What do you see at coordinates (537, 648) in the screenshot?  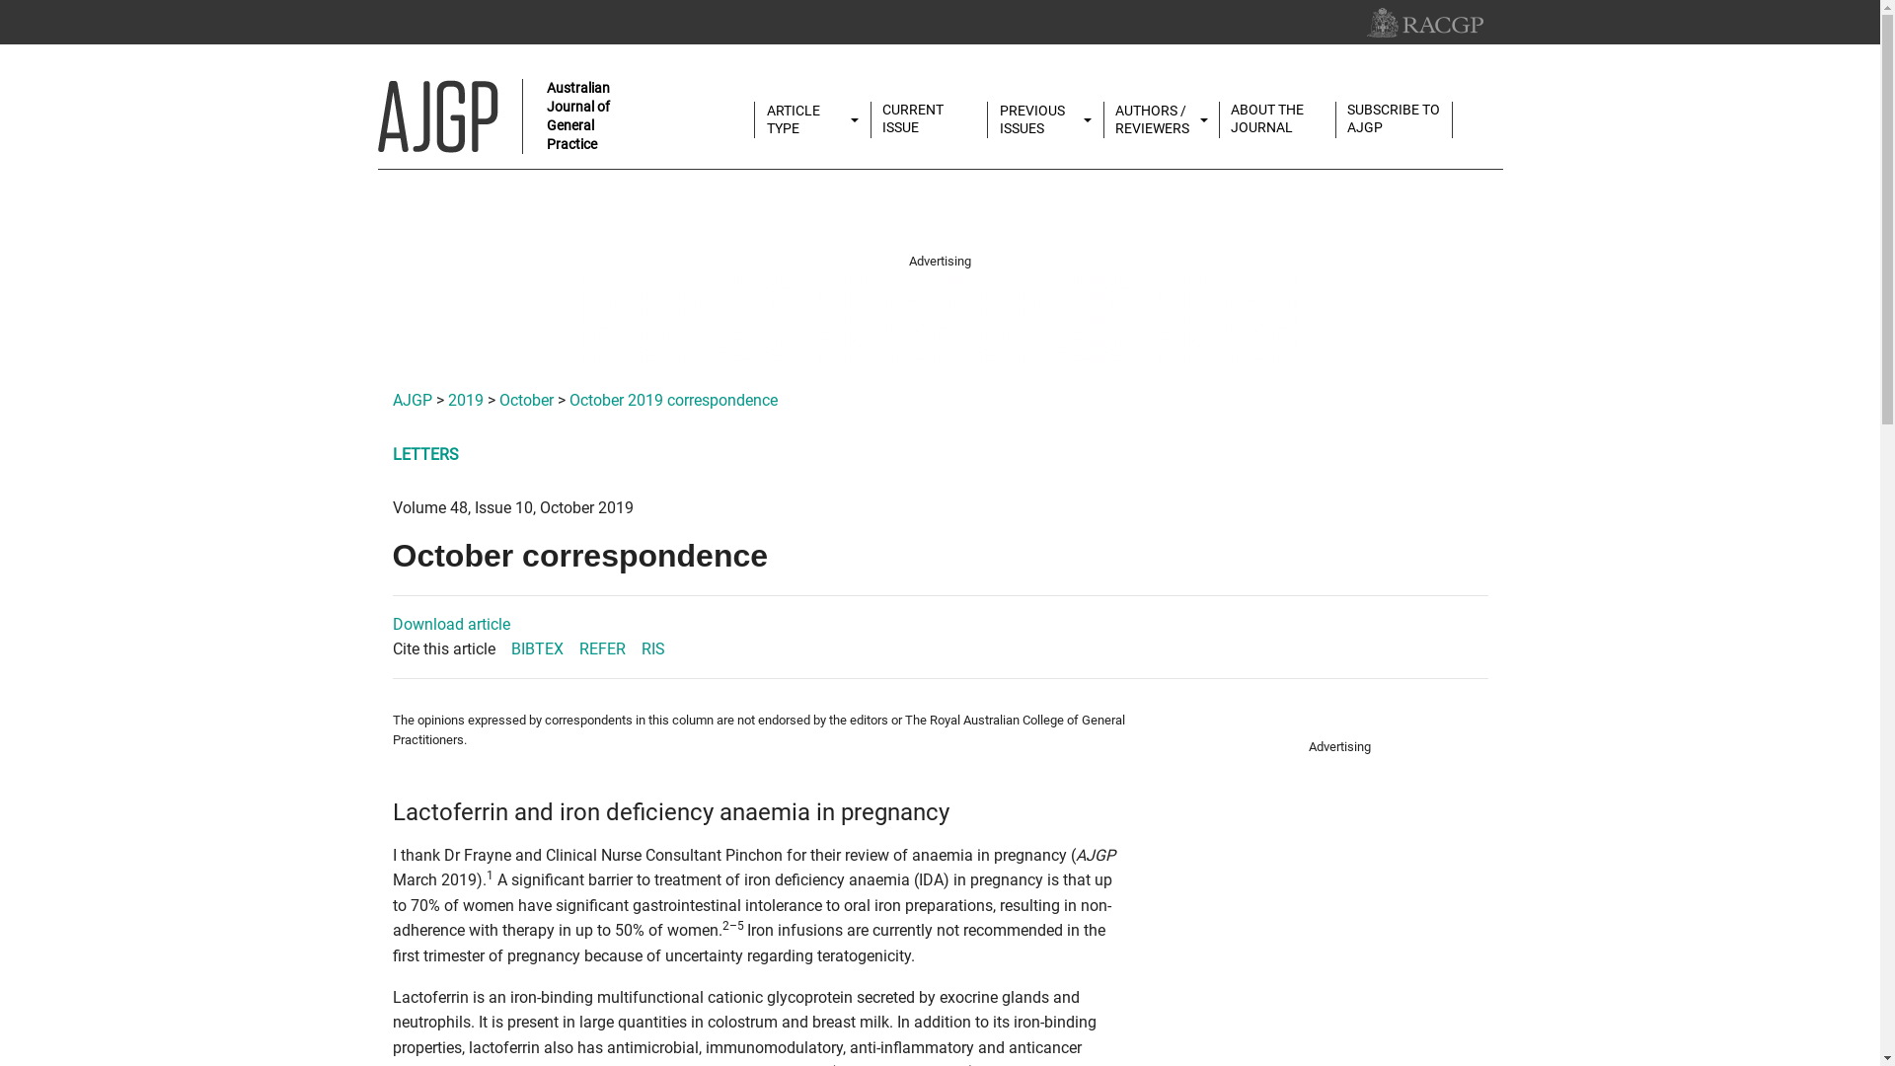 I see `'BIBTEX'` at bounding box center [537, 648].